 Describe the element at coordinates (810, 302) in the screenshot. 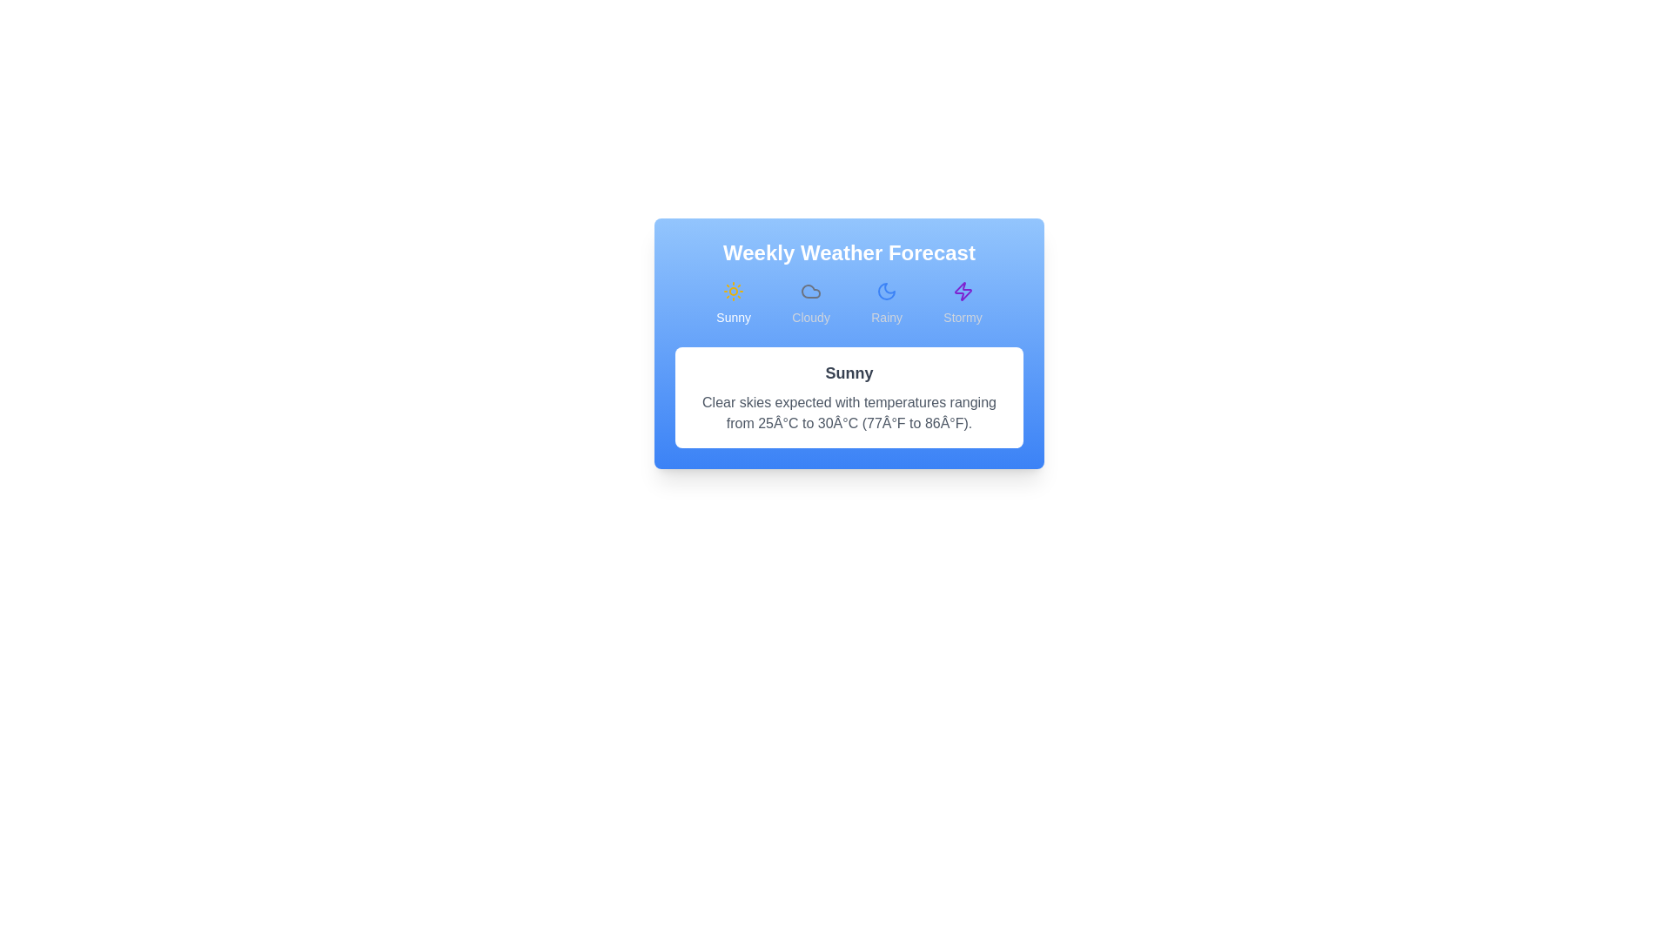

I see `the Cloudy forecast tab by clicking on its button` at that location.